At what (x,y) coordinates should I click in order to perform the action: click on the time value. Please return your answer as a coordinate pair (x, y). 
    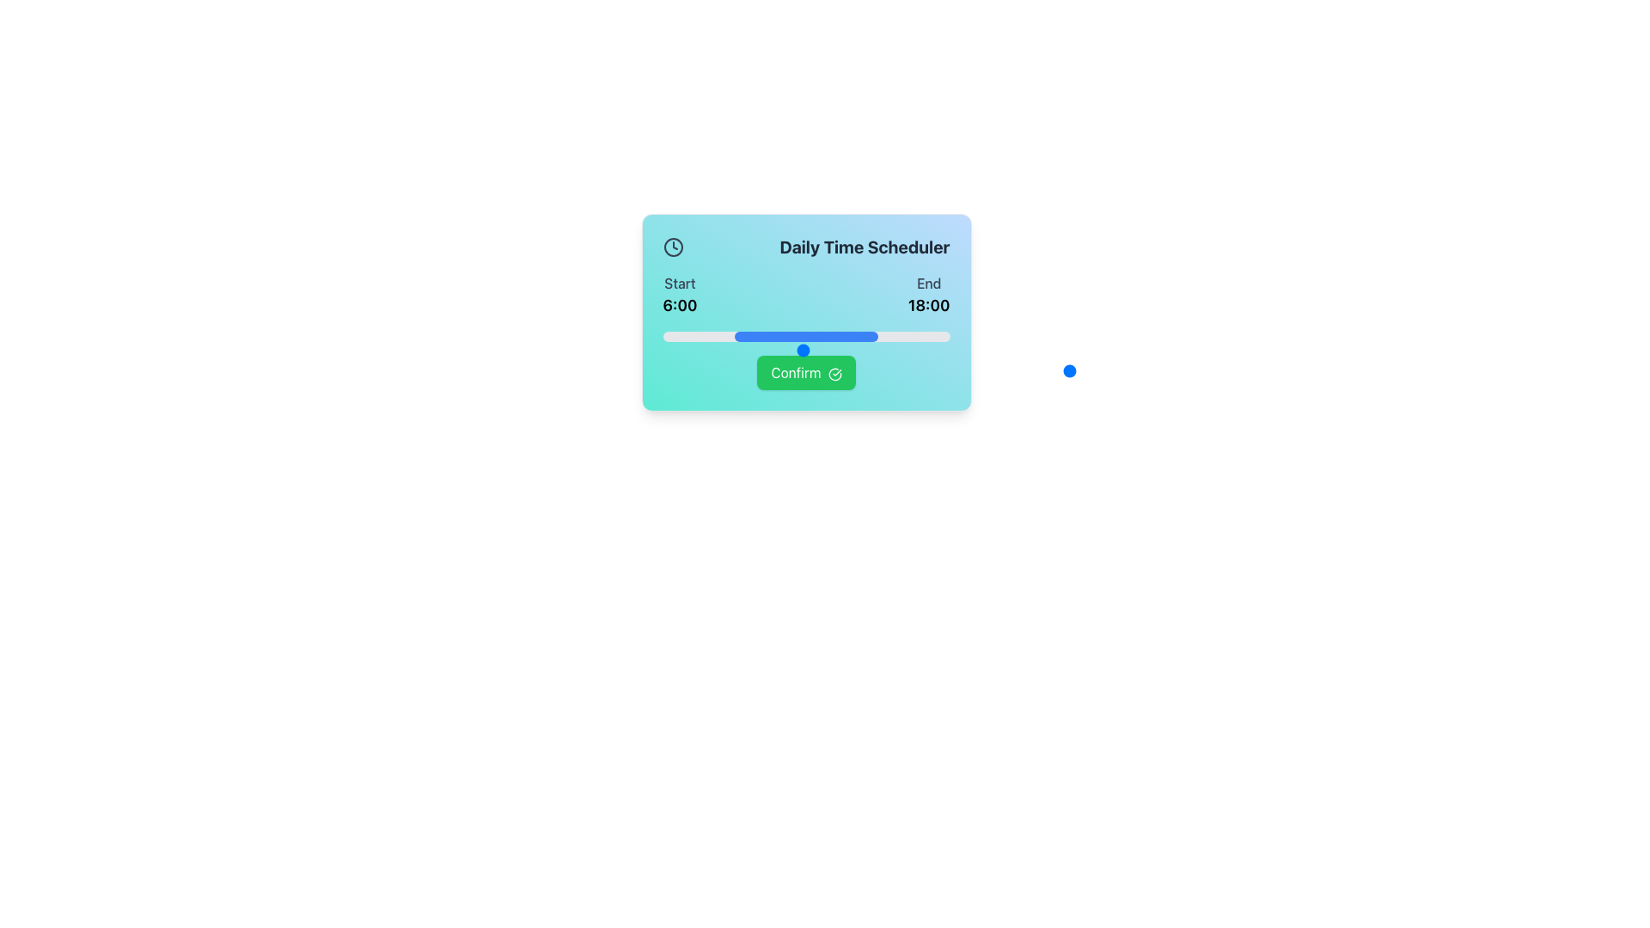
    Looking at the image, I should click on (822, 350).